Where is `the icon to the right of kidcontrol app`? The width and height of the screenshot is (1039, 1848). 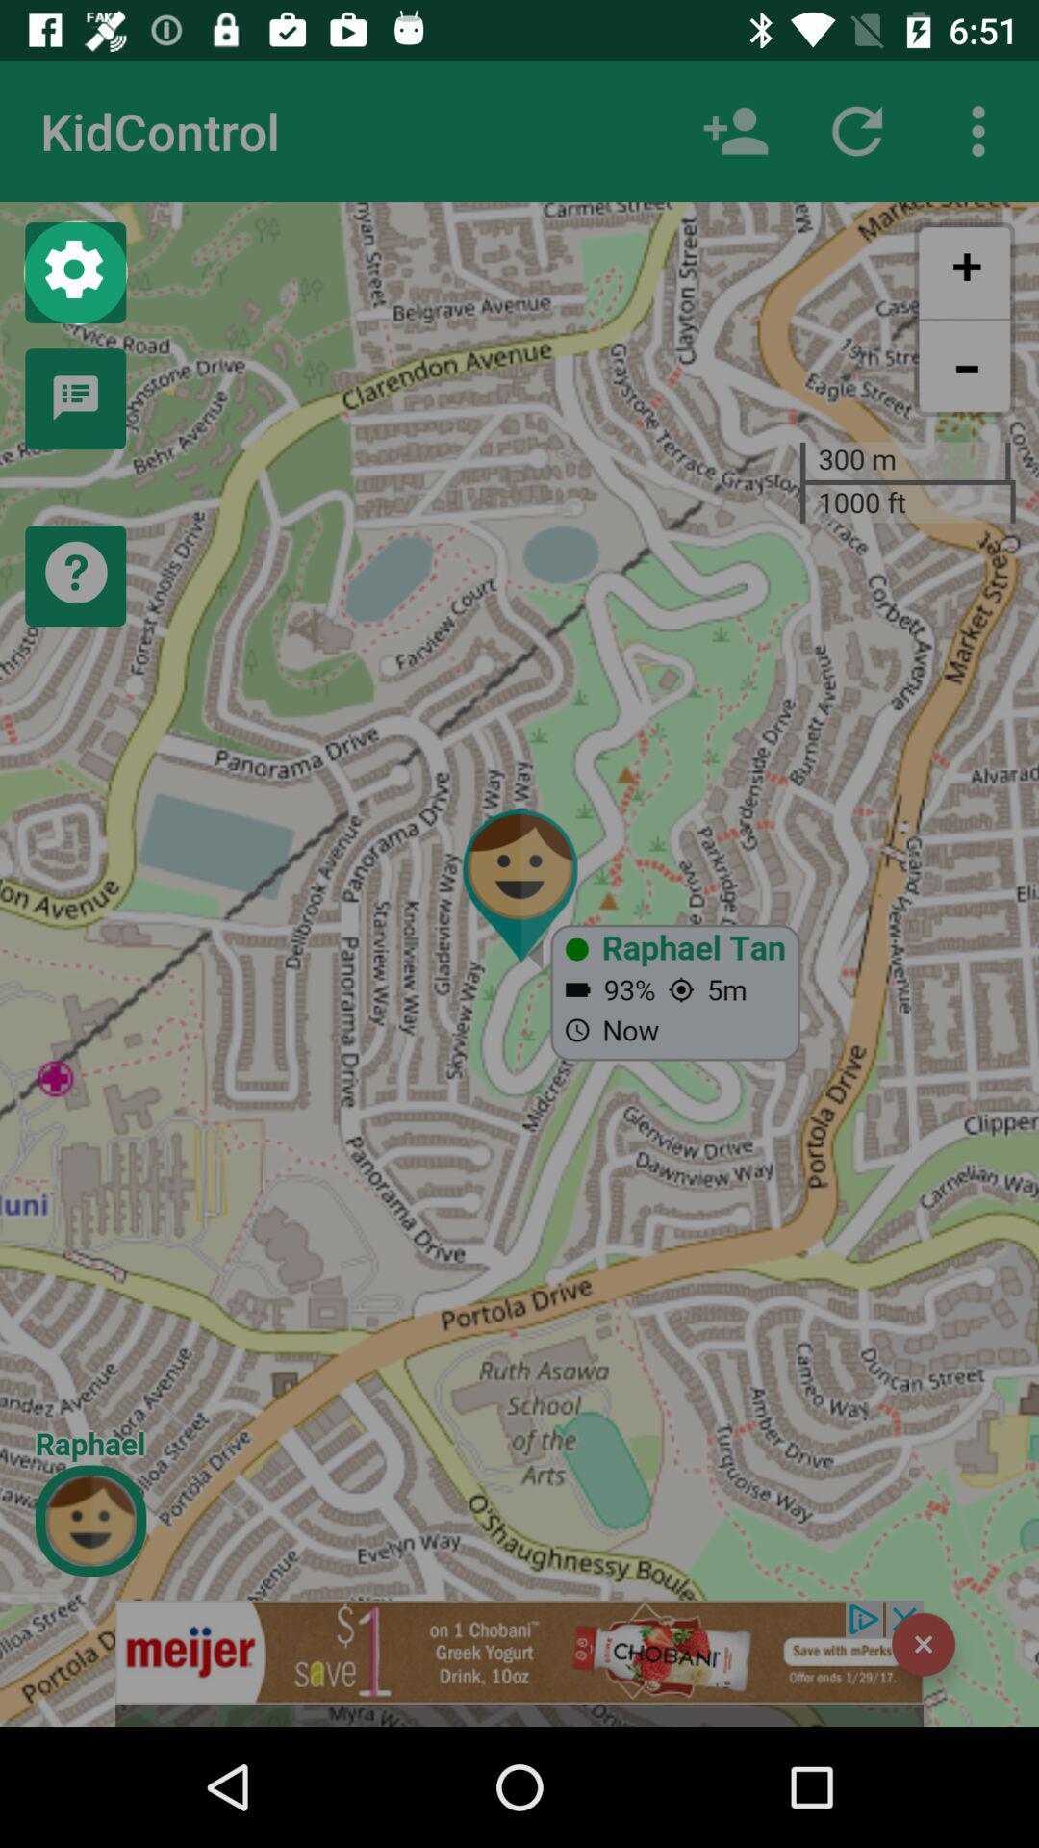
the icon to the right of kidcontrol app is located at coordinates (735, 130).